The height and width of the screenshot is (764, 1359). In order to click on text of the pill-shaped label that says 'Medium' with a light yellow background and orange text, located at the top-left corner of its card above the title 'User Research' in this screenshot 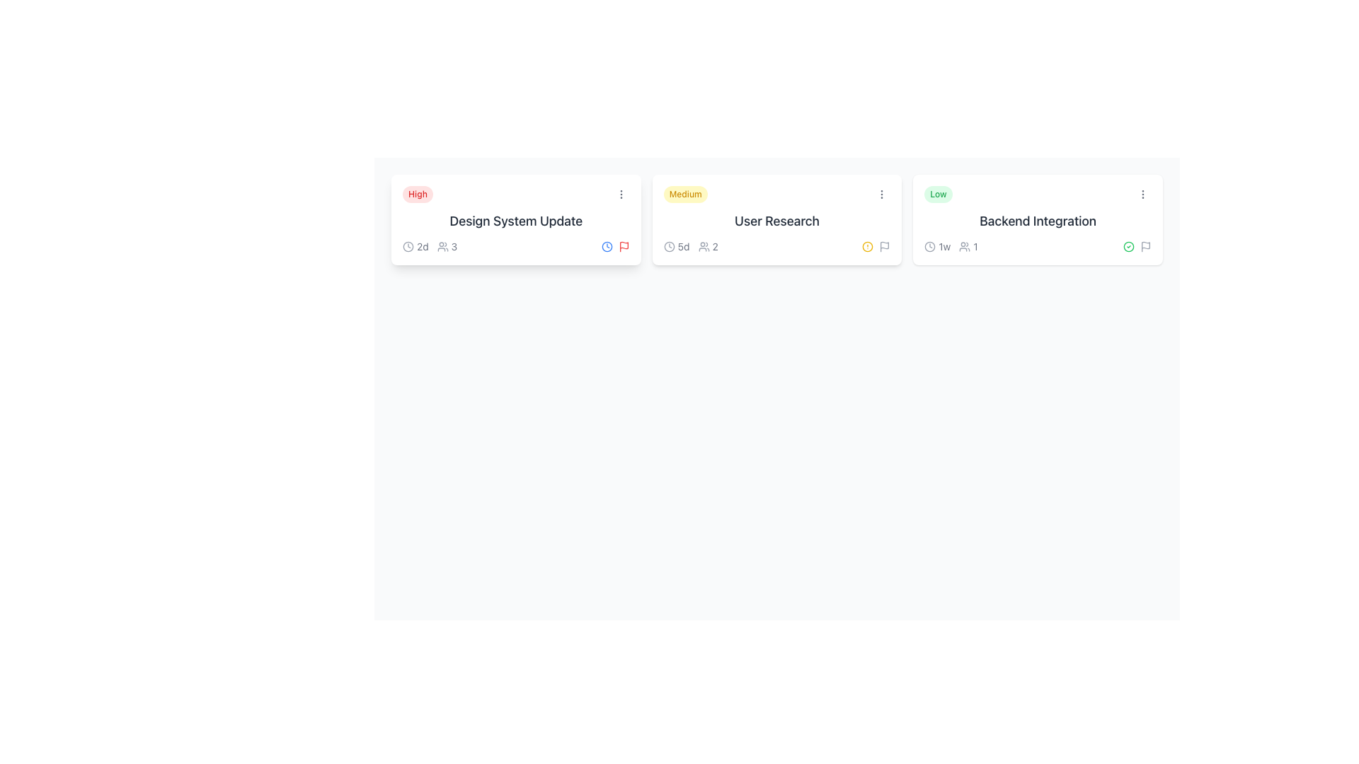, I will do `click(685, 194)`.